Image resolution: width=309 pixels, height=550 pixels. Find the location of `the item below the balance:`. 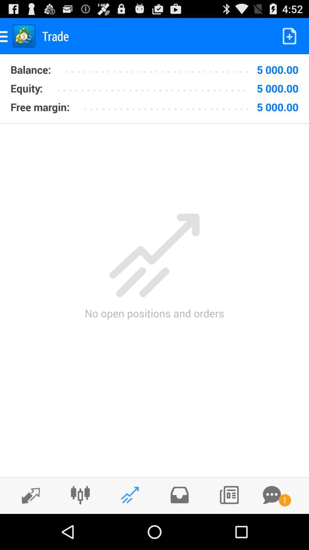

the item below the balance: is located at coordinates (155, 86).